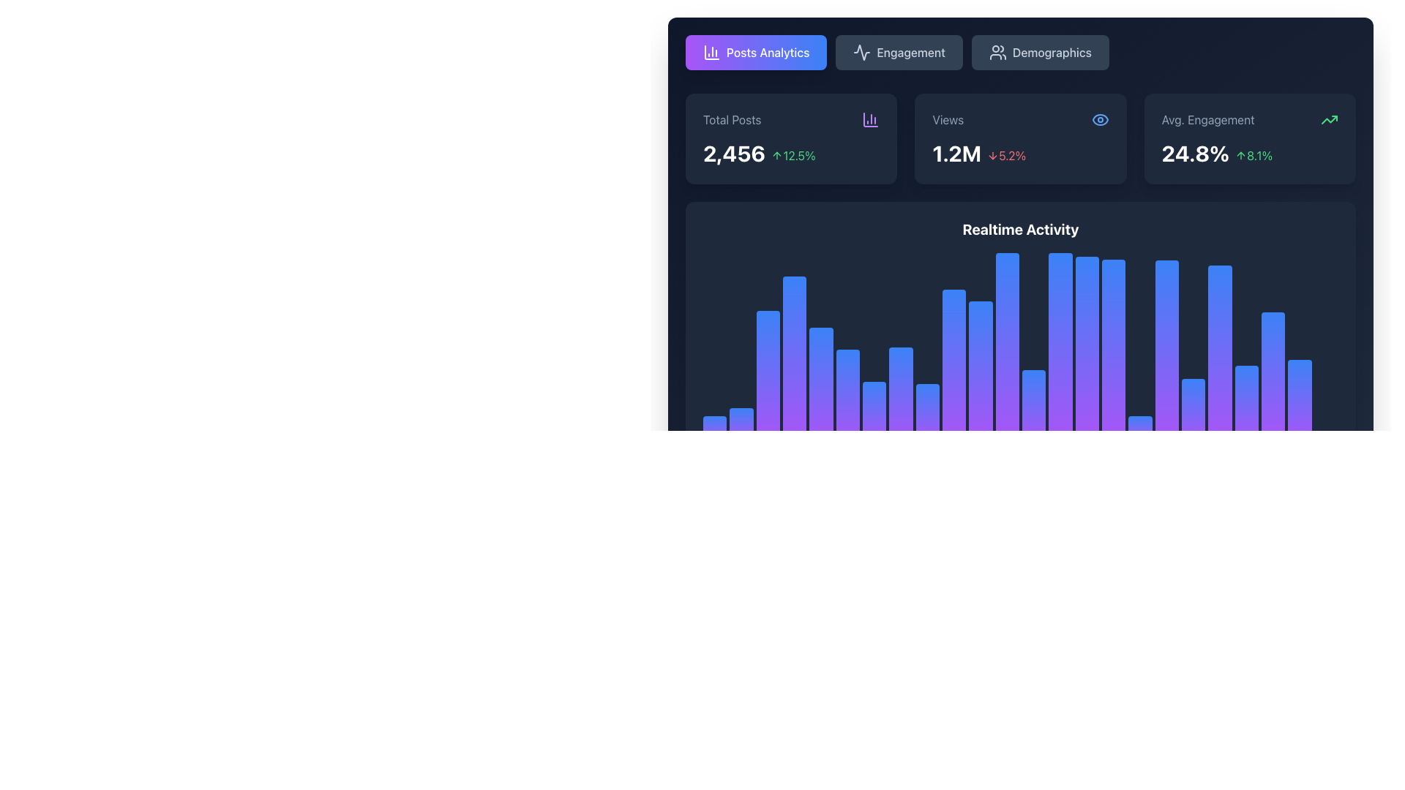  What do you see at coordinates (1272, 404) in the screenshot?
I see `the 23rd rectangular bar in the bar chart, which has a gradient background from purple to blue` at bounding box center [1272, 404].